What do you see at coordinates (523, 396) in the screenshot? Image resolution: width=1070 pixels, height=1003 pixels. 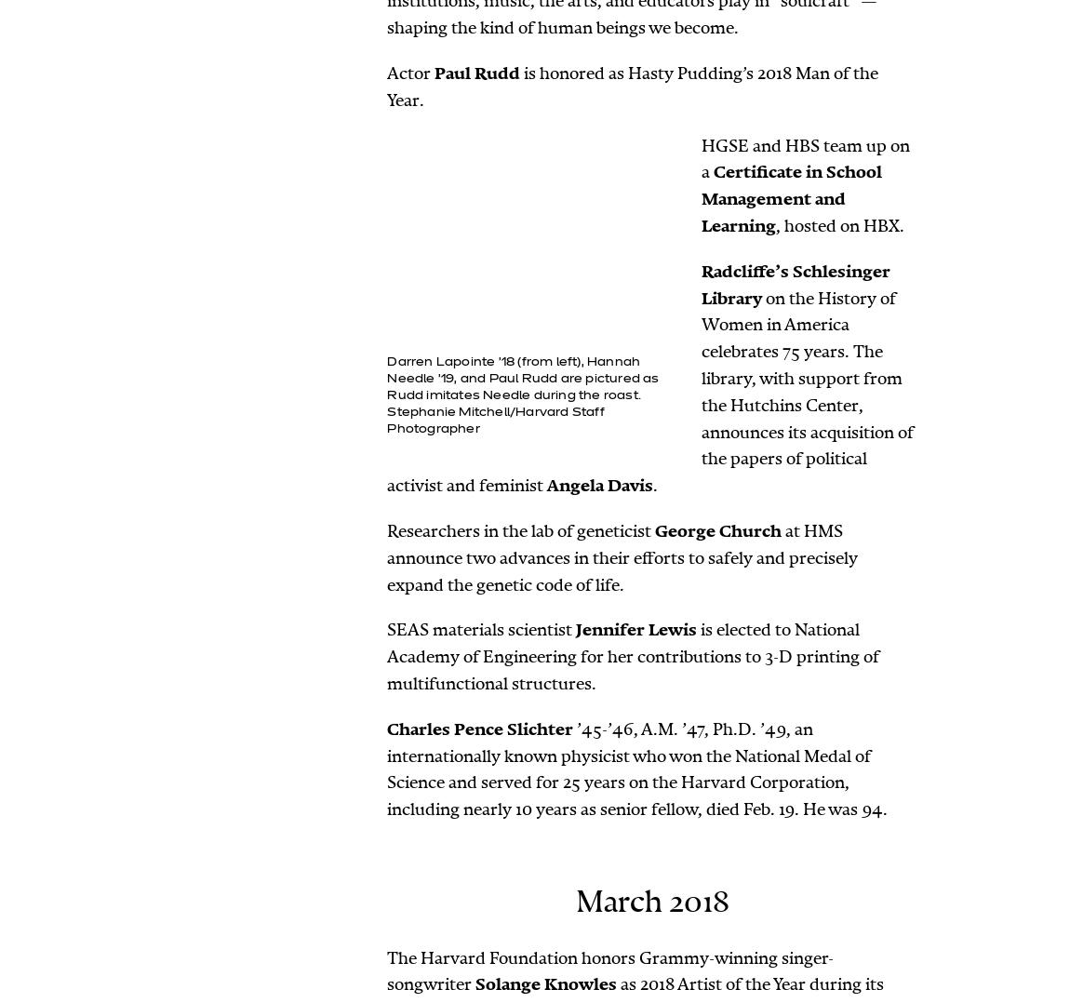 I see `'Darren Lapointe ’18 (from left), Hannah Needle ’19, and Paul Rudd are pictured as Rudd imitates Needle during the roast. Stephanie Mitchell/Harvard Staff Photographer'` at bounding box center [523, 396].